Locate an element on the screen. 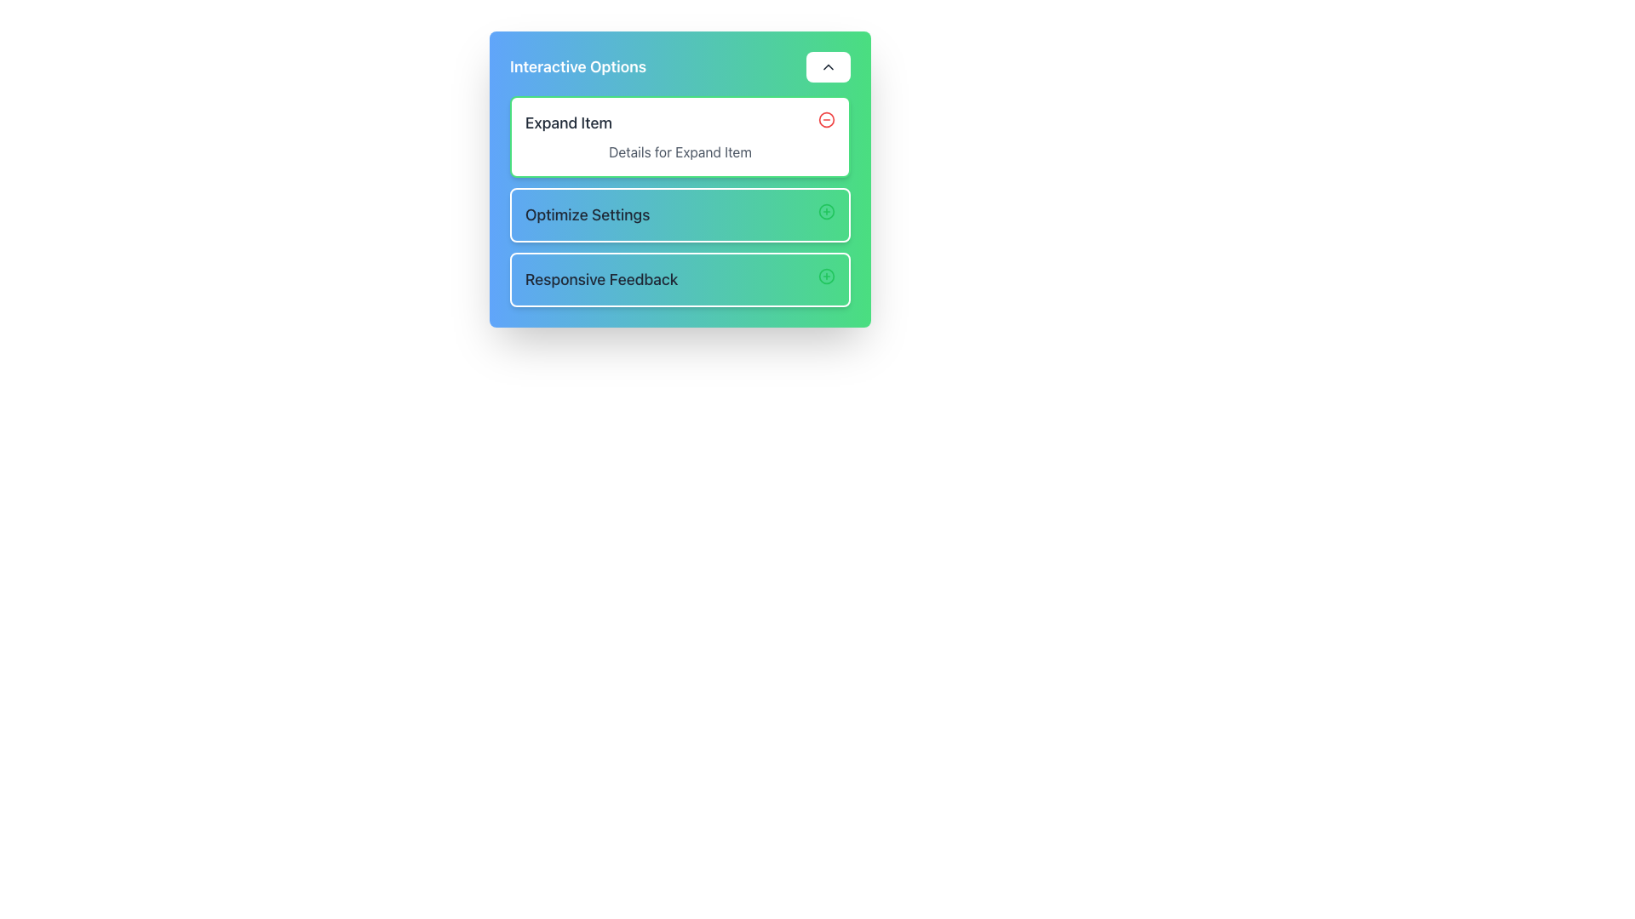 This screenshot has width=1635, height=919. the SVG circle component with a green border, located within the 'Optimize Settings' button, positioned to the right of its label text is located at coordinates (826, 211).